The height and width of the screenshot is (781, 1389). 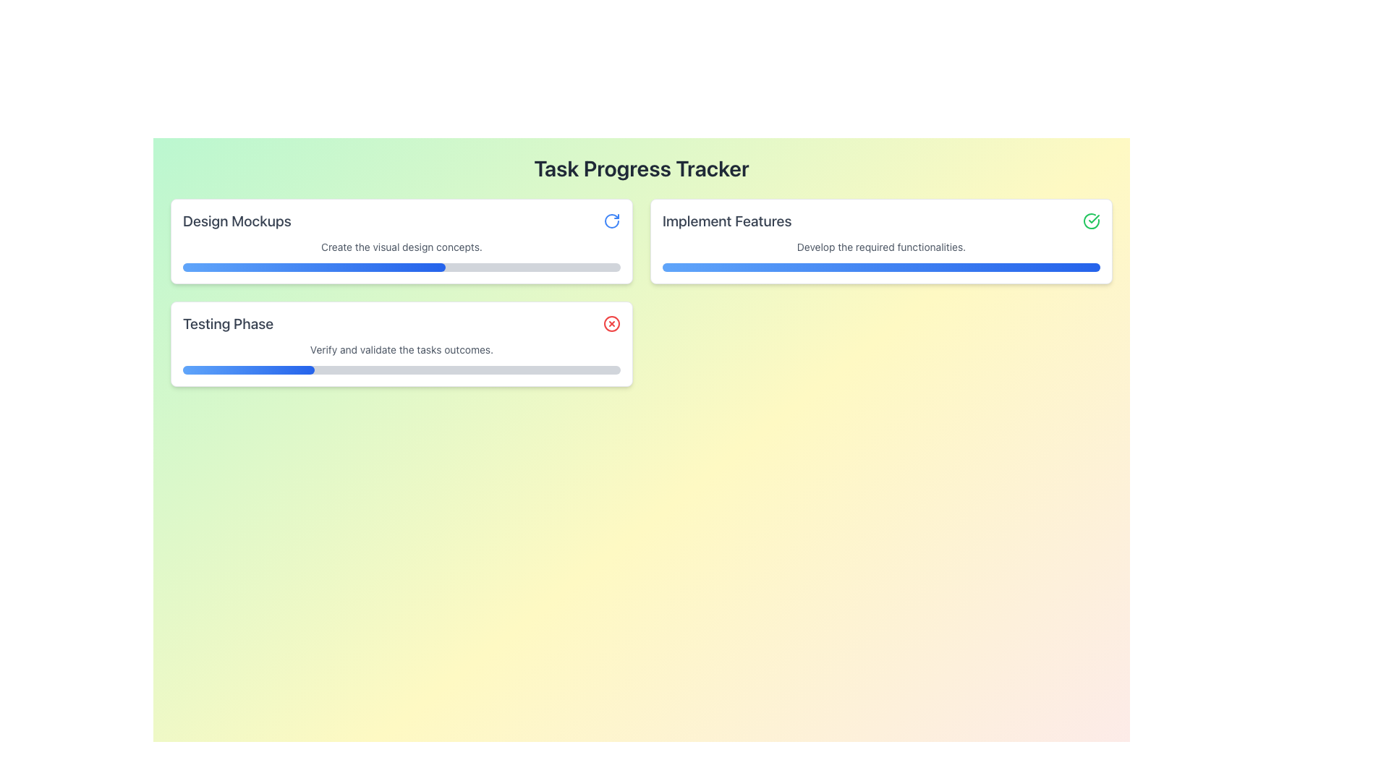 What do you see at coordinates (641, 167) in the screenshot?
I see `the header text element reading 'Task Progress Tracker' located at the top of the central content area` at bounding box center [641, 167].